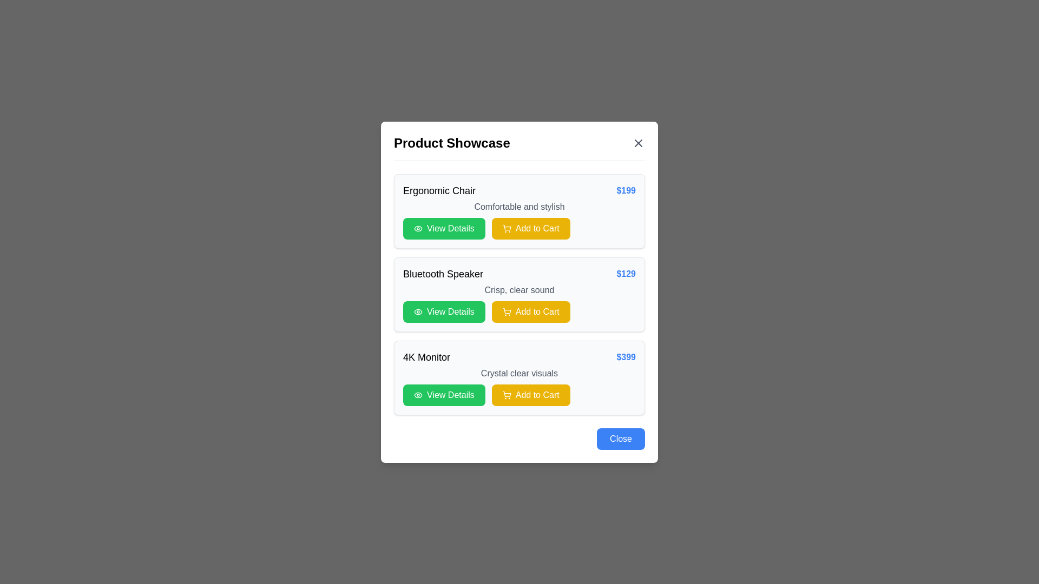 The image size is (1039, 584). Describe the element at coordinates (417, 228) in the screenshot. I see `the icon located to the left of the 'View Details' text label in the green button for the 'Bluetooth Speaker' product entry` at that location.